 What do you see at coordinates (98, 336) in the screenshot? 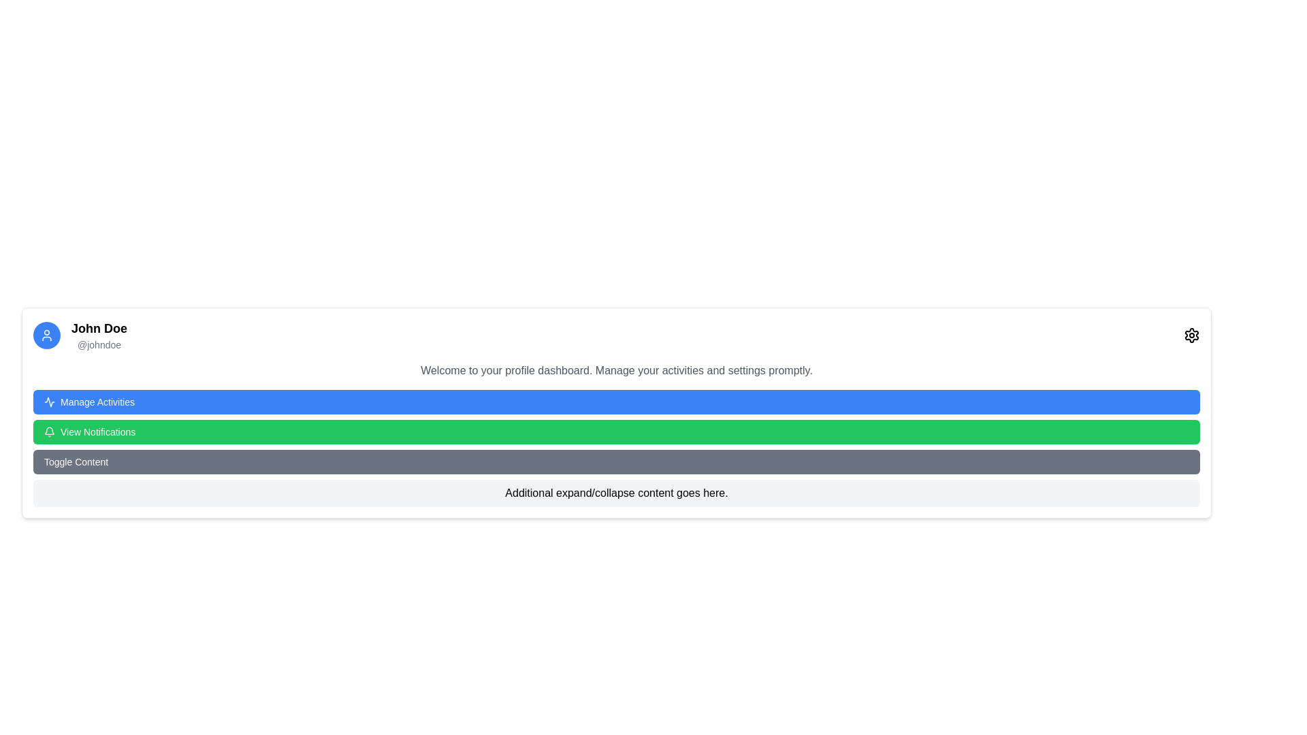
I see `the Text Display component that shows the user's name and username handle for additional actions or navigation` at bounding box center [98, 336].